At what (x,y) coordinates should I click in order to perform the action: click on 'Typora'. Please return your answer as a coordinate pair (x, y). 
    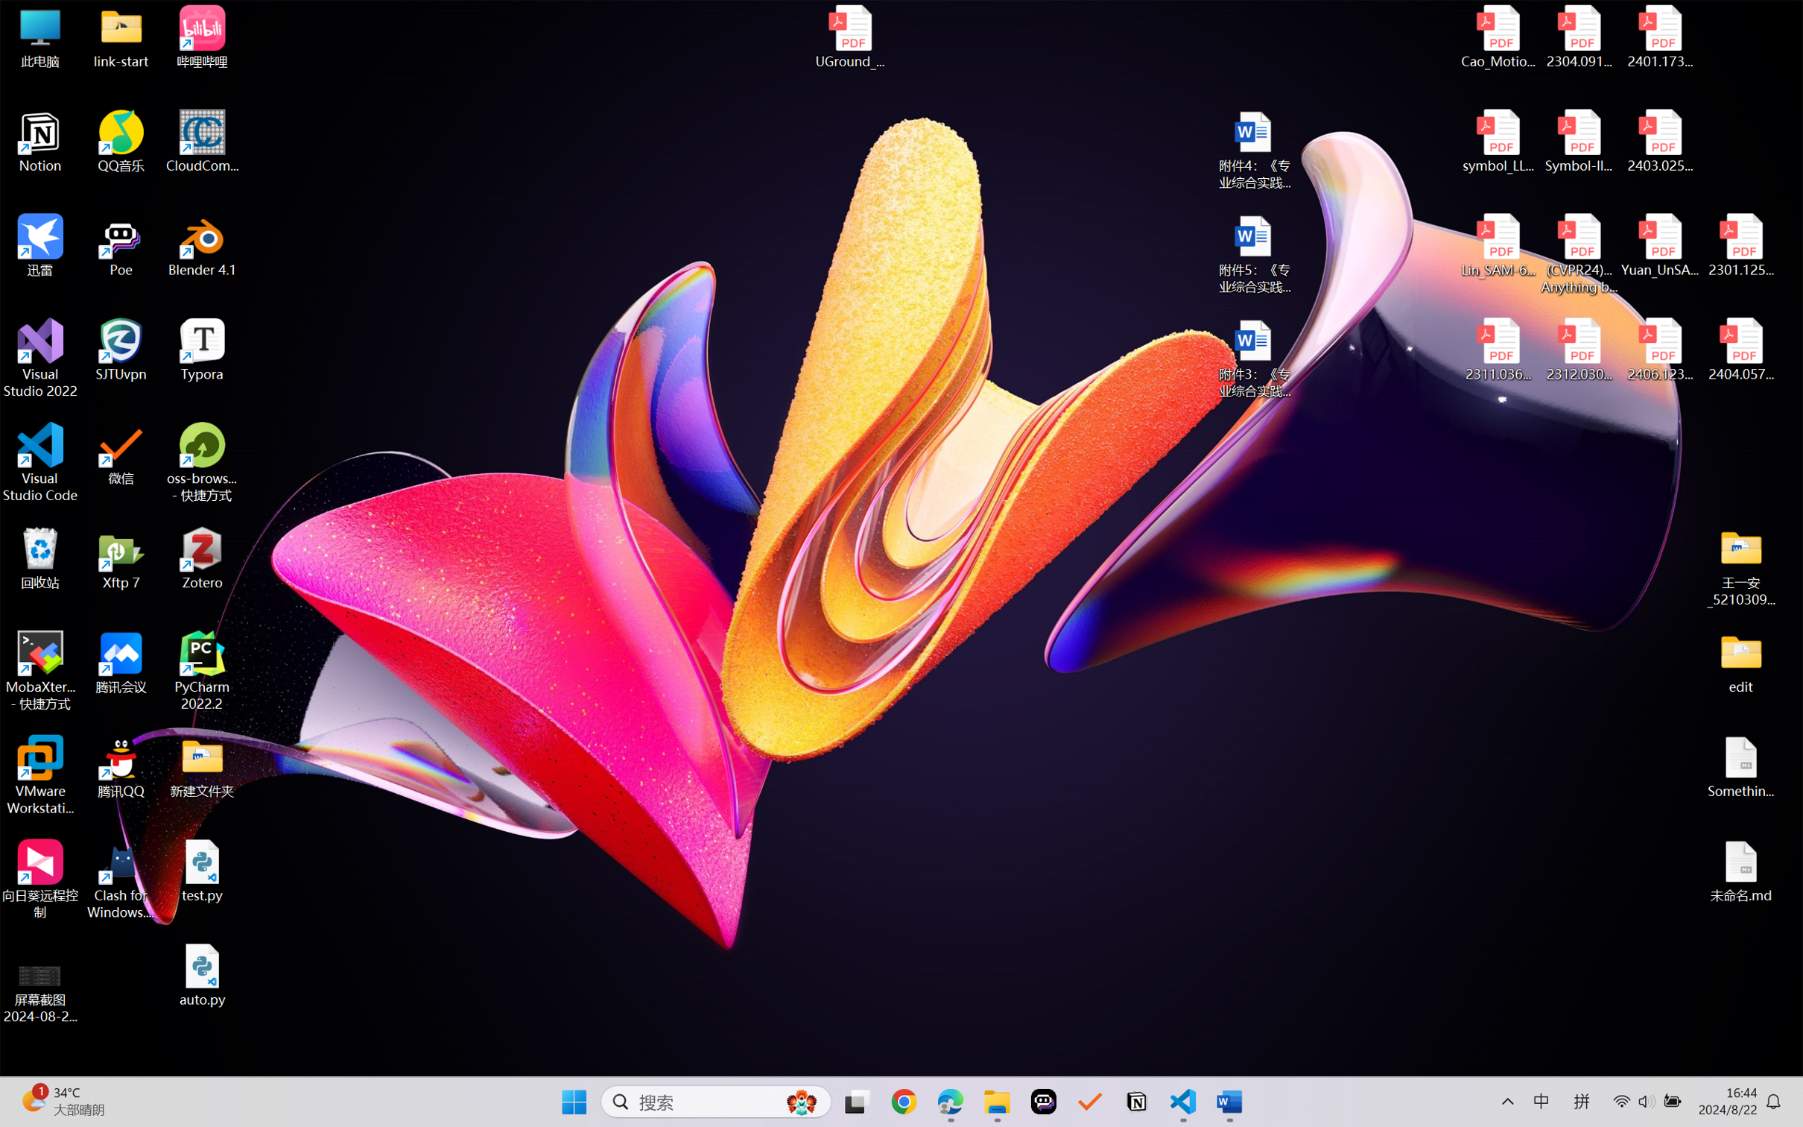
    Looking at the image, I should click on (202, 350).